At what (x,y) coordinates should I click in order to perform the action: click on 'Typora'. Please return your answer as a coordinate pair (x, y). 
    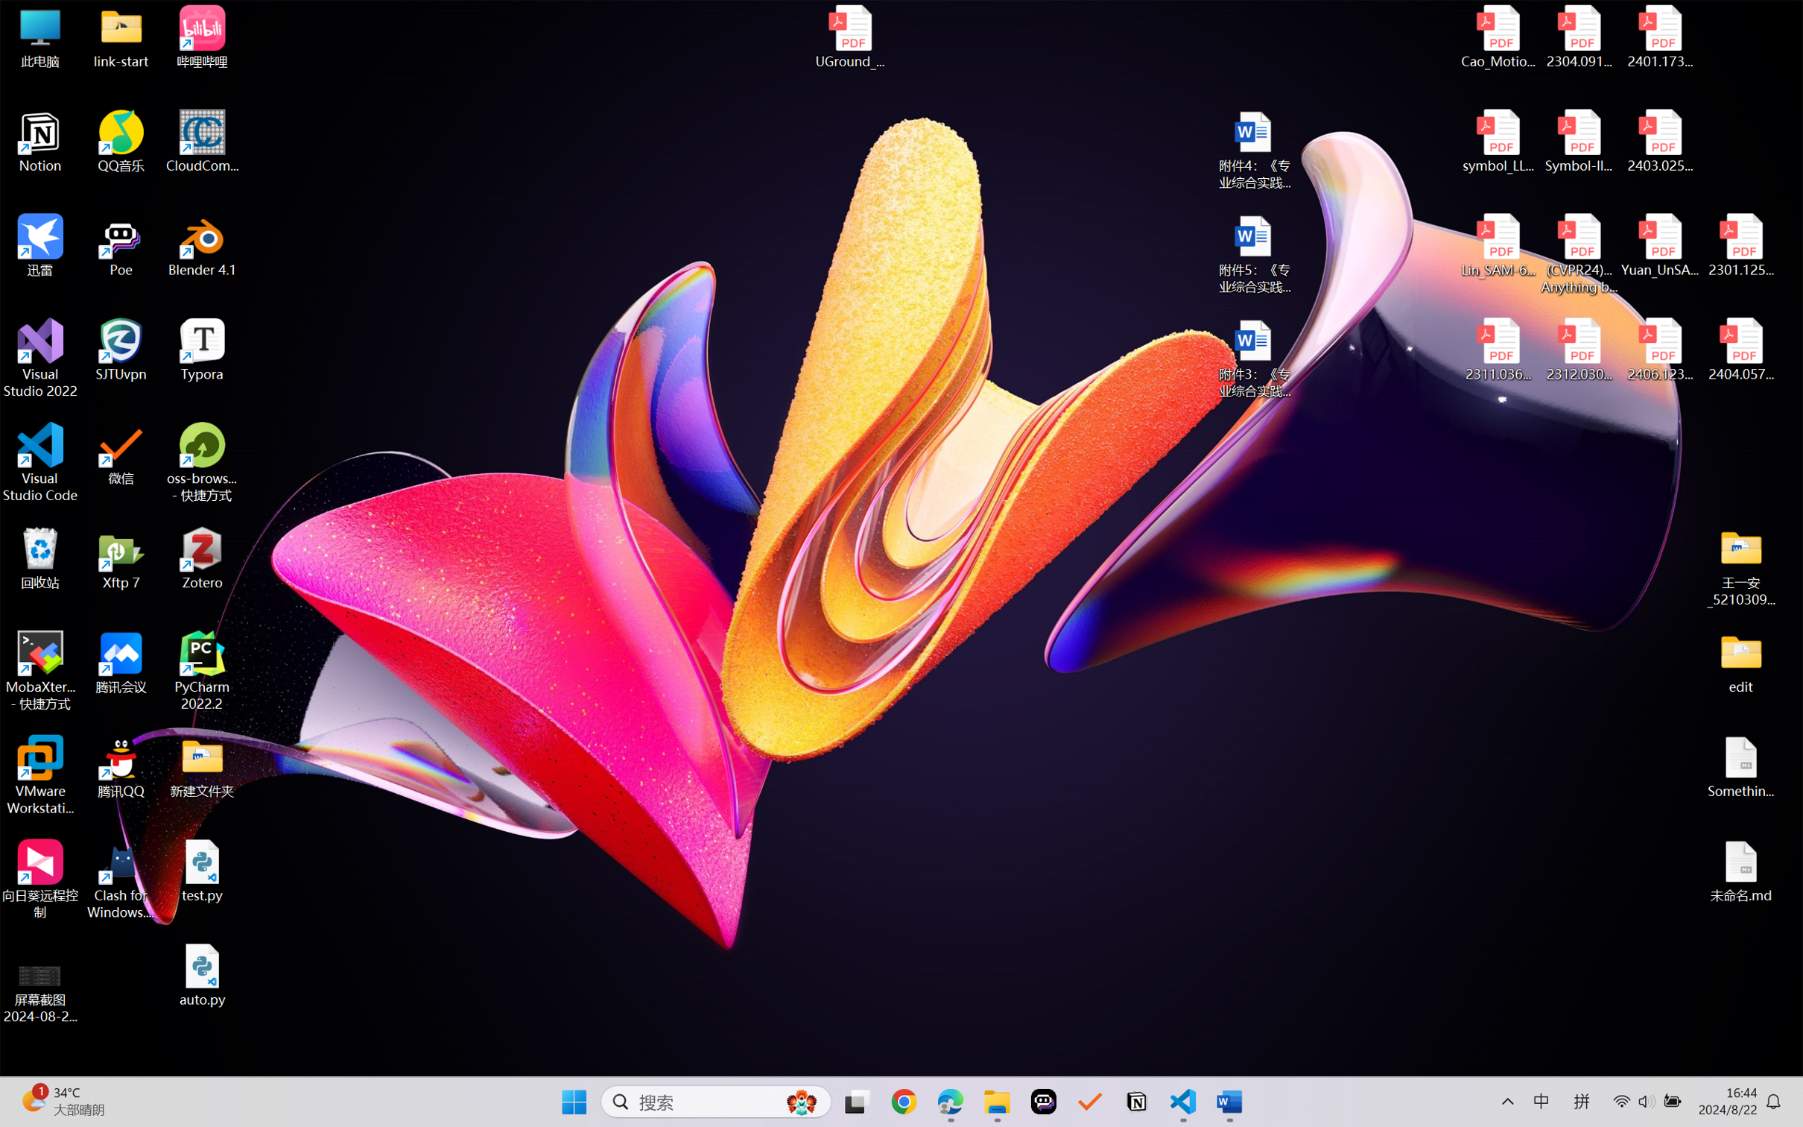
    Looking at the image, I should click on (202, 350).